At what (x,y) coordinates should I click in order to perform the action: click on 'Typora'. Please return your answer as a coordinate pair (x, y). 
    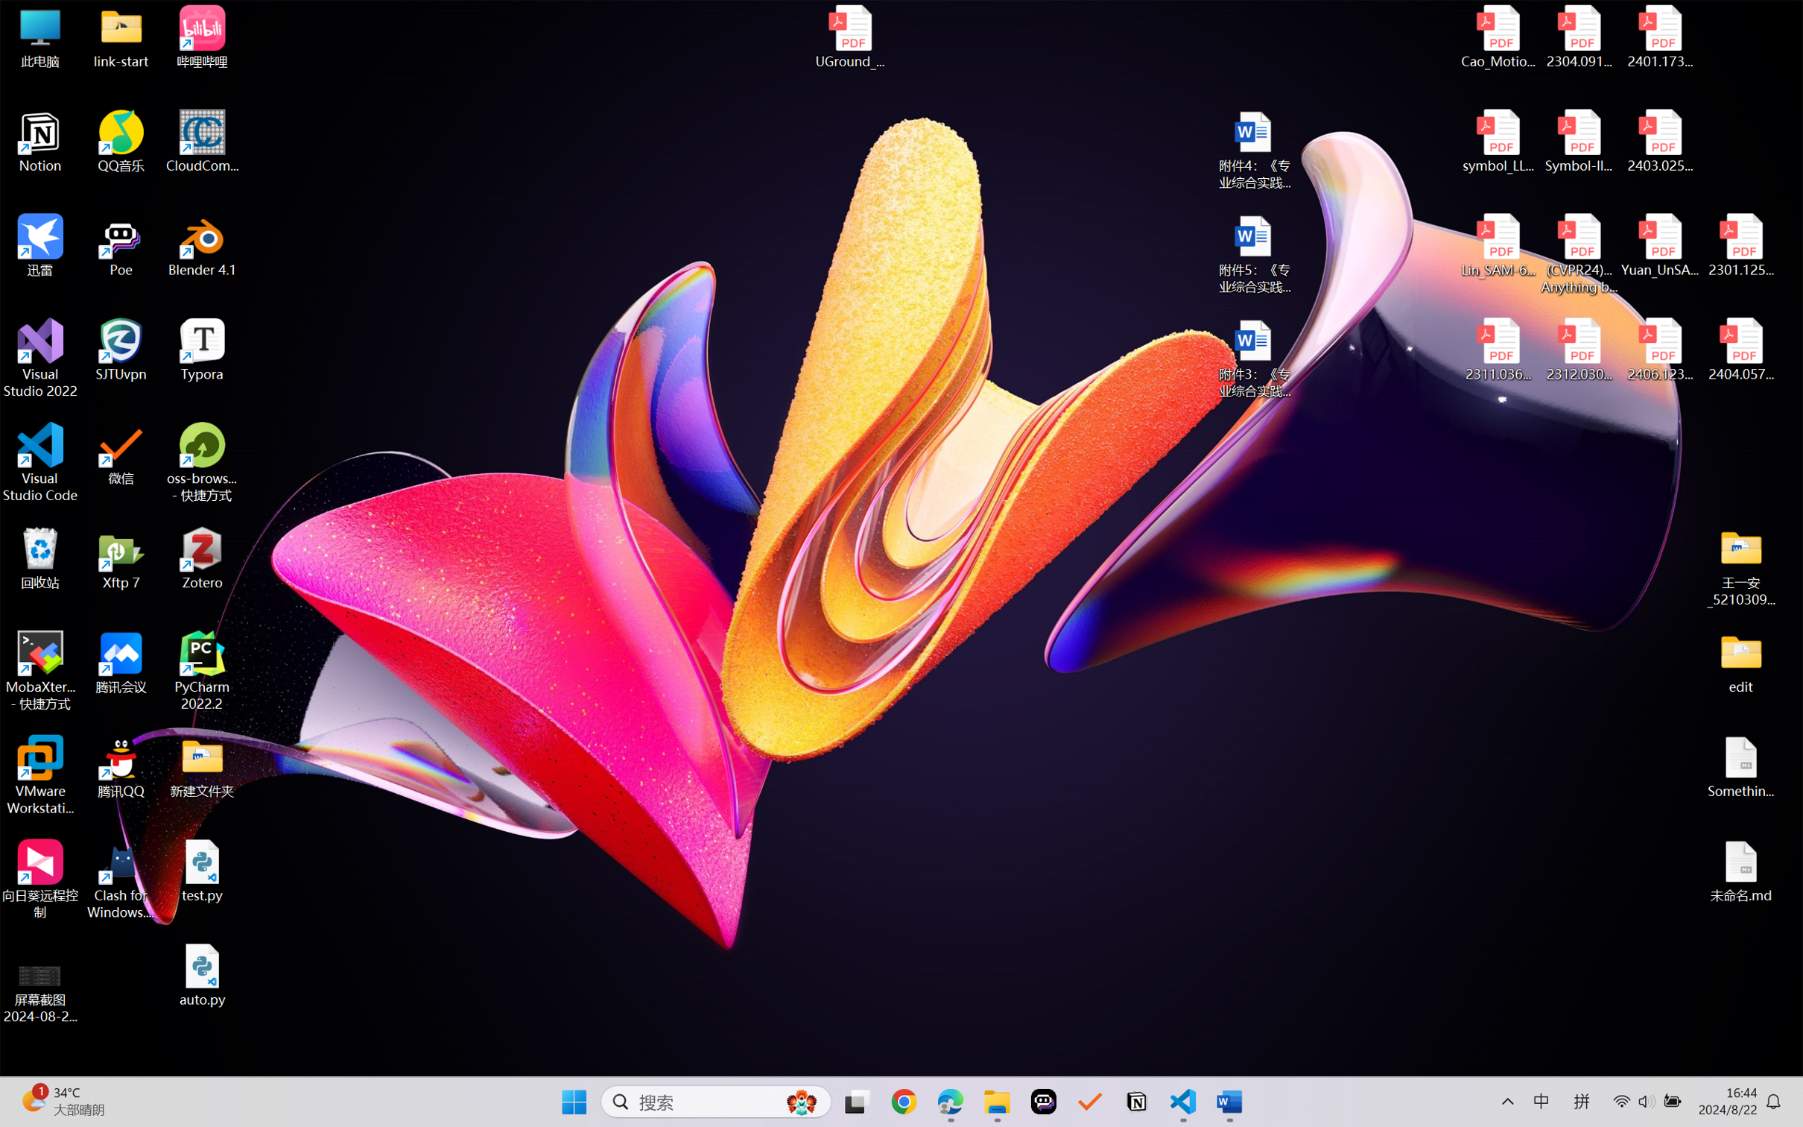
    Looking at the image, I should click on (202, 350).